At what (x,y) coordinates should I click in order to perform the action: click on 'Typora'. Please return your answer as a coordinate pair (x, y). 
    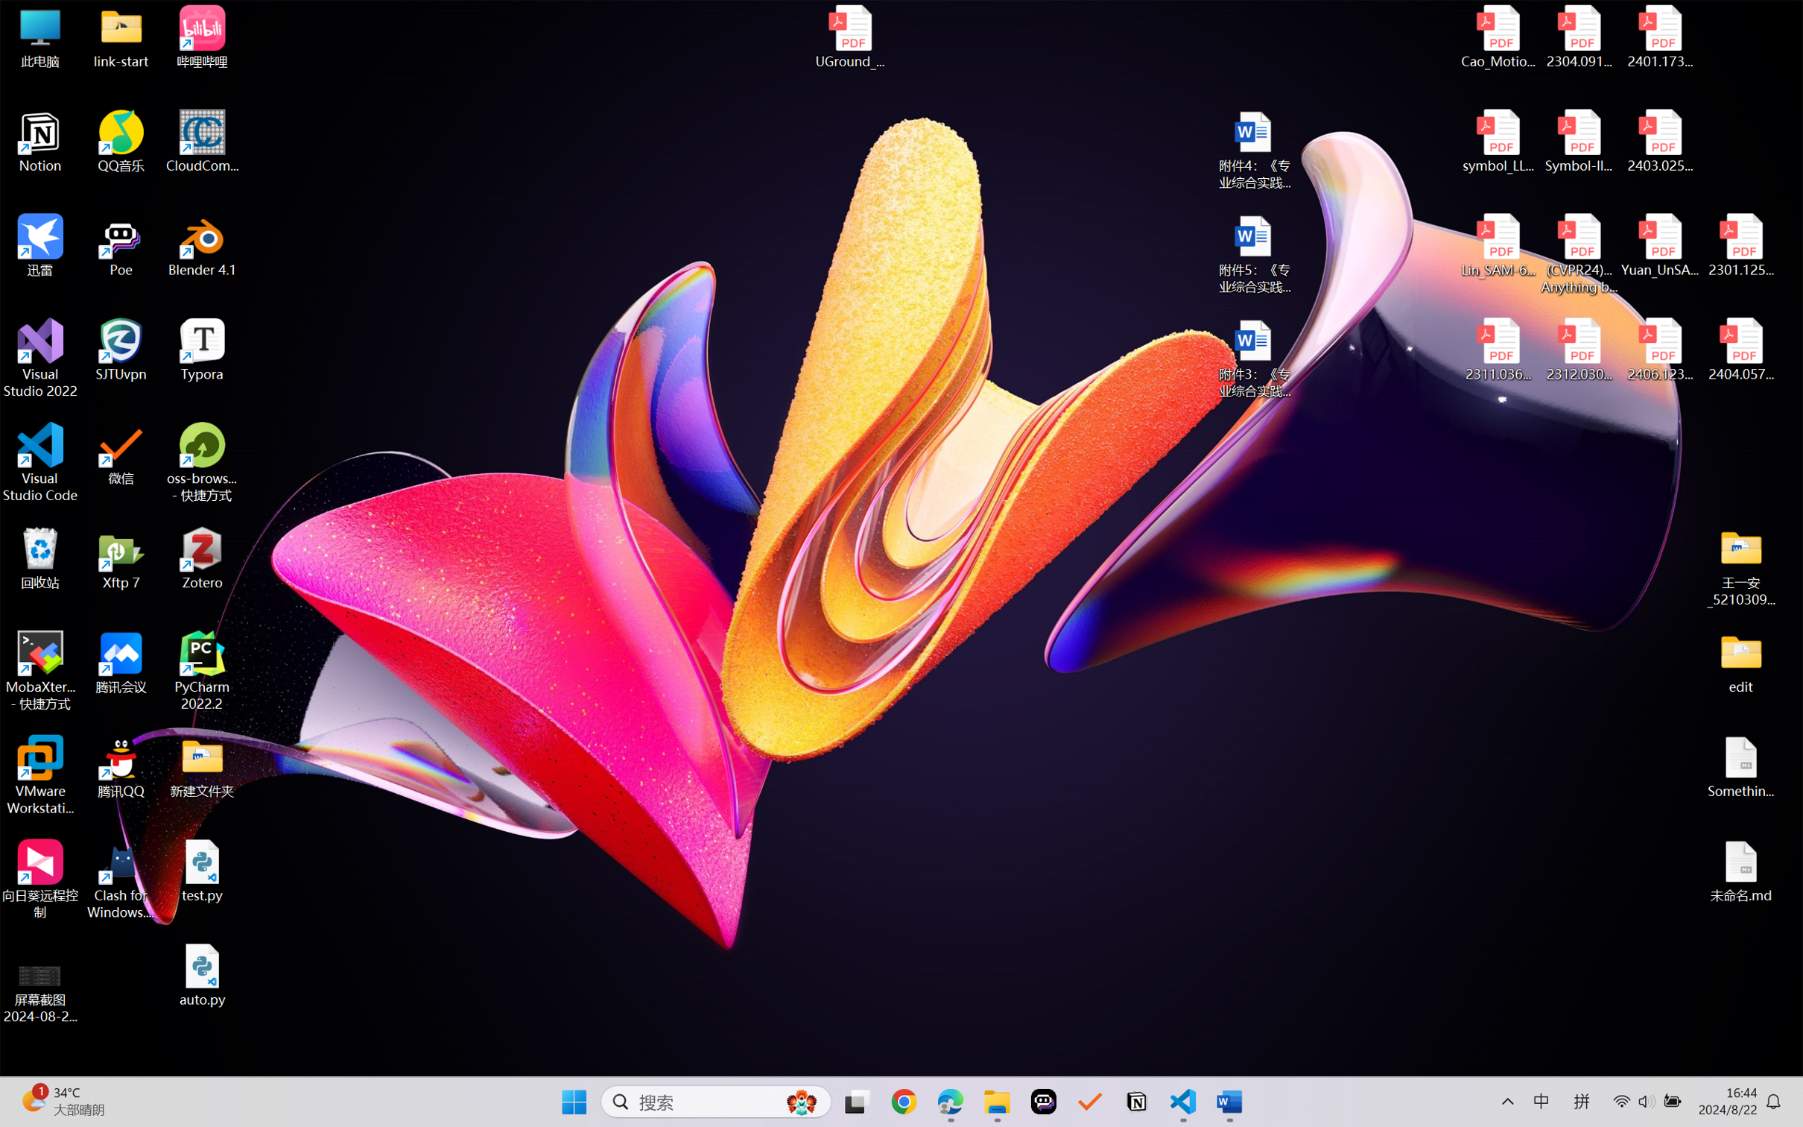
    Looking at the image, I should click on (202, 350).